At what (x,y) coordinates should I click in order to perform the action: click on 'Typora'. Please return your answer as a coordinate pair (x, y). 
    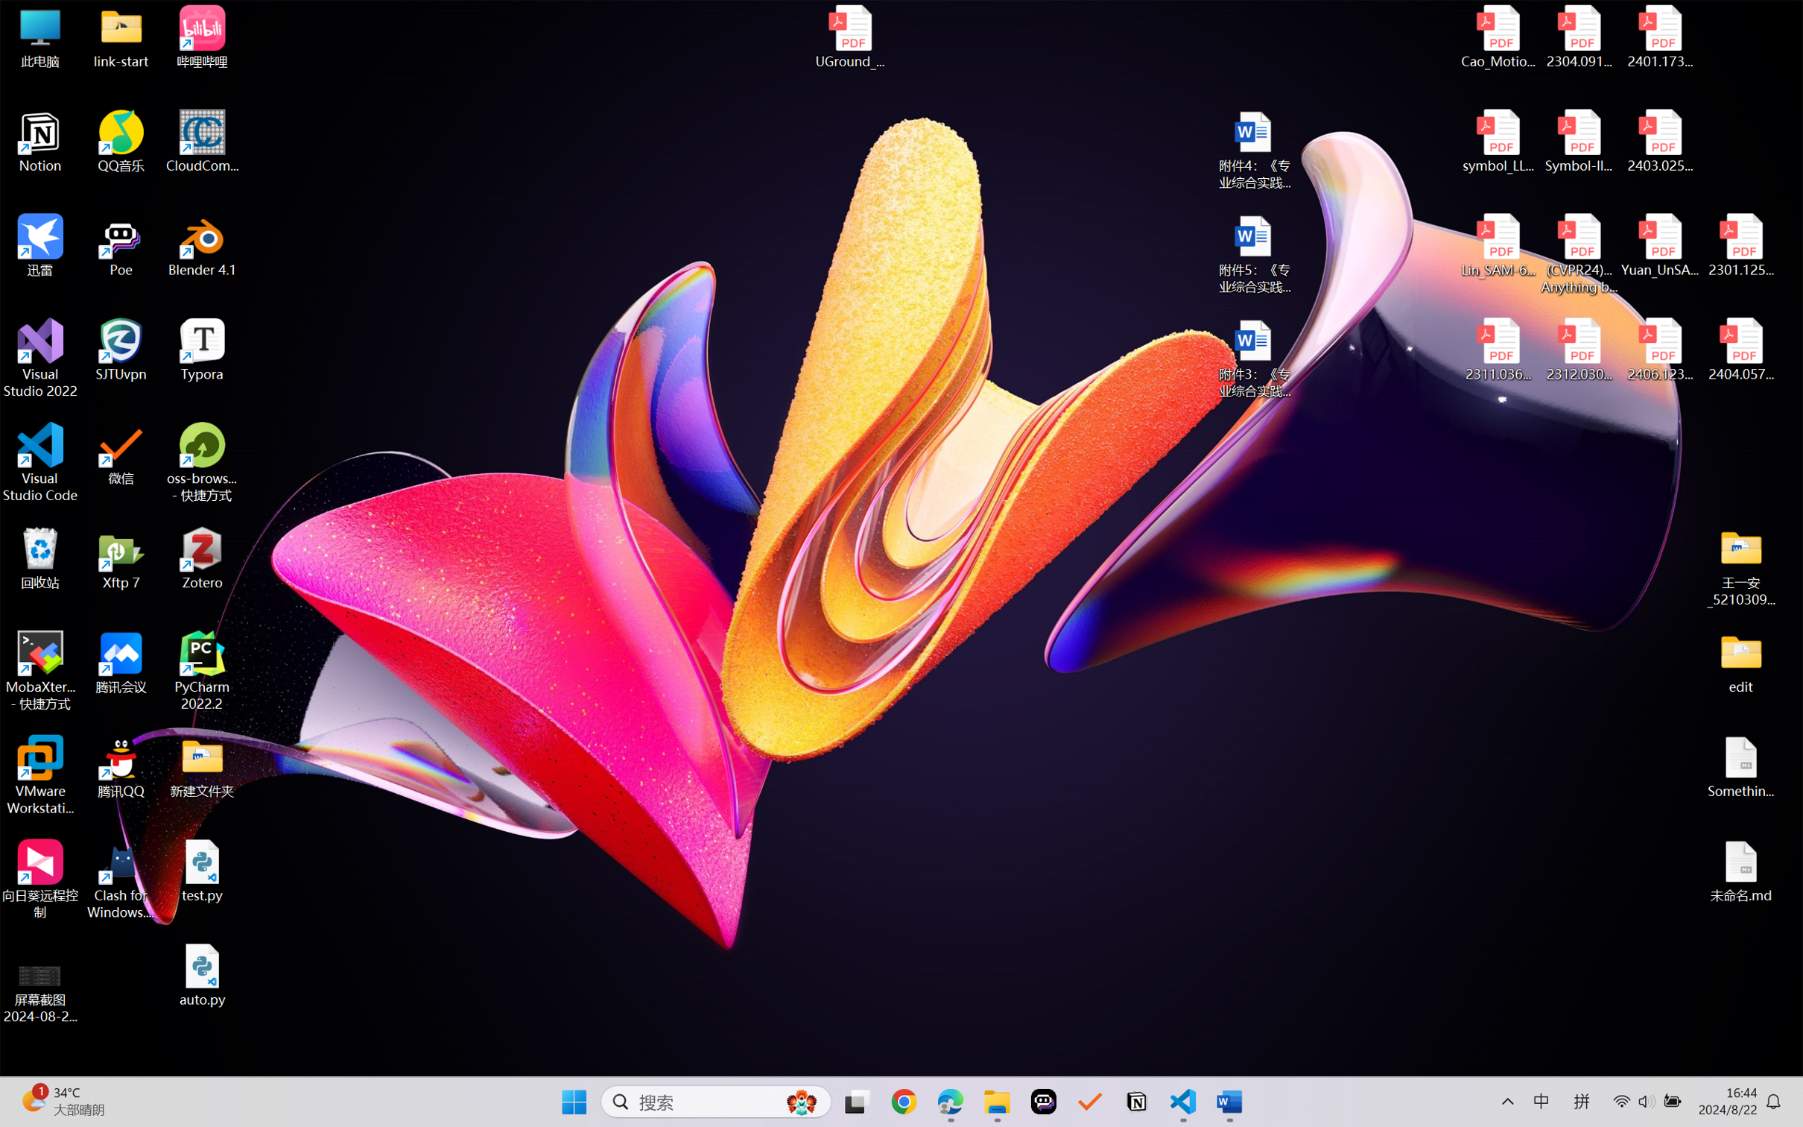
    Looking at the image, I should click on (202, 350).